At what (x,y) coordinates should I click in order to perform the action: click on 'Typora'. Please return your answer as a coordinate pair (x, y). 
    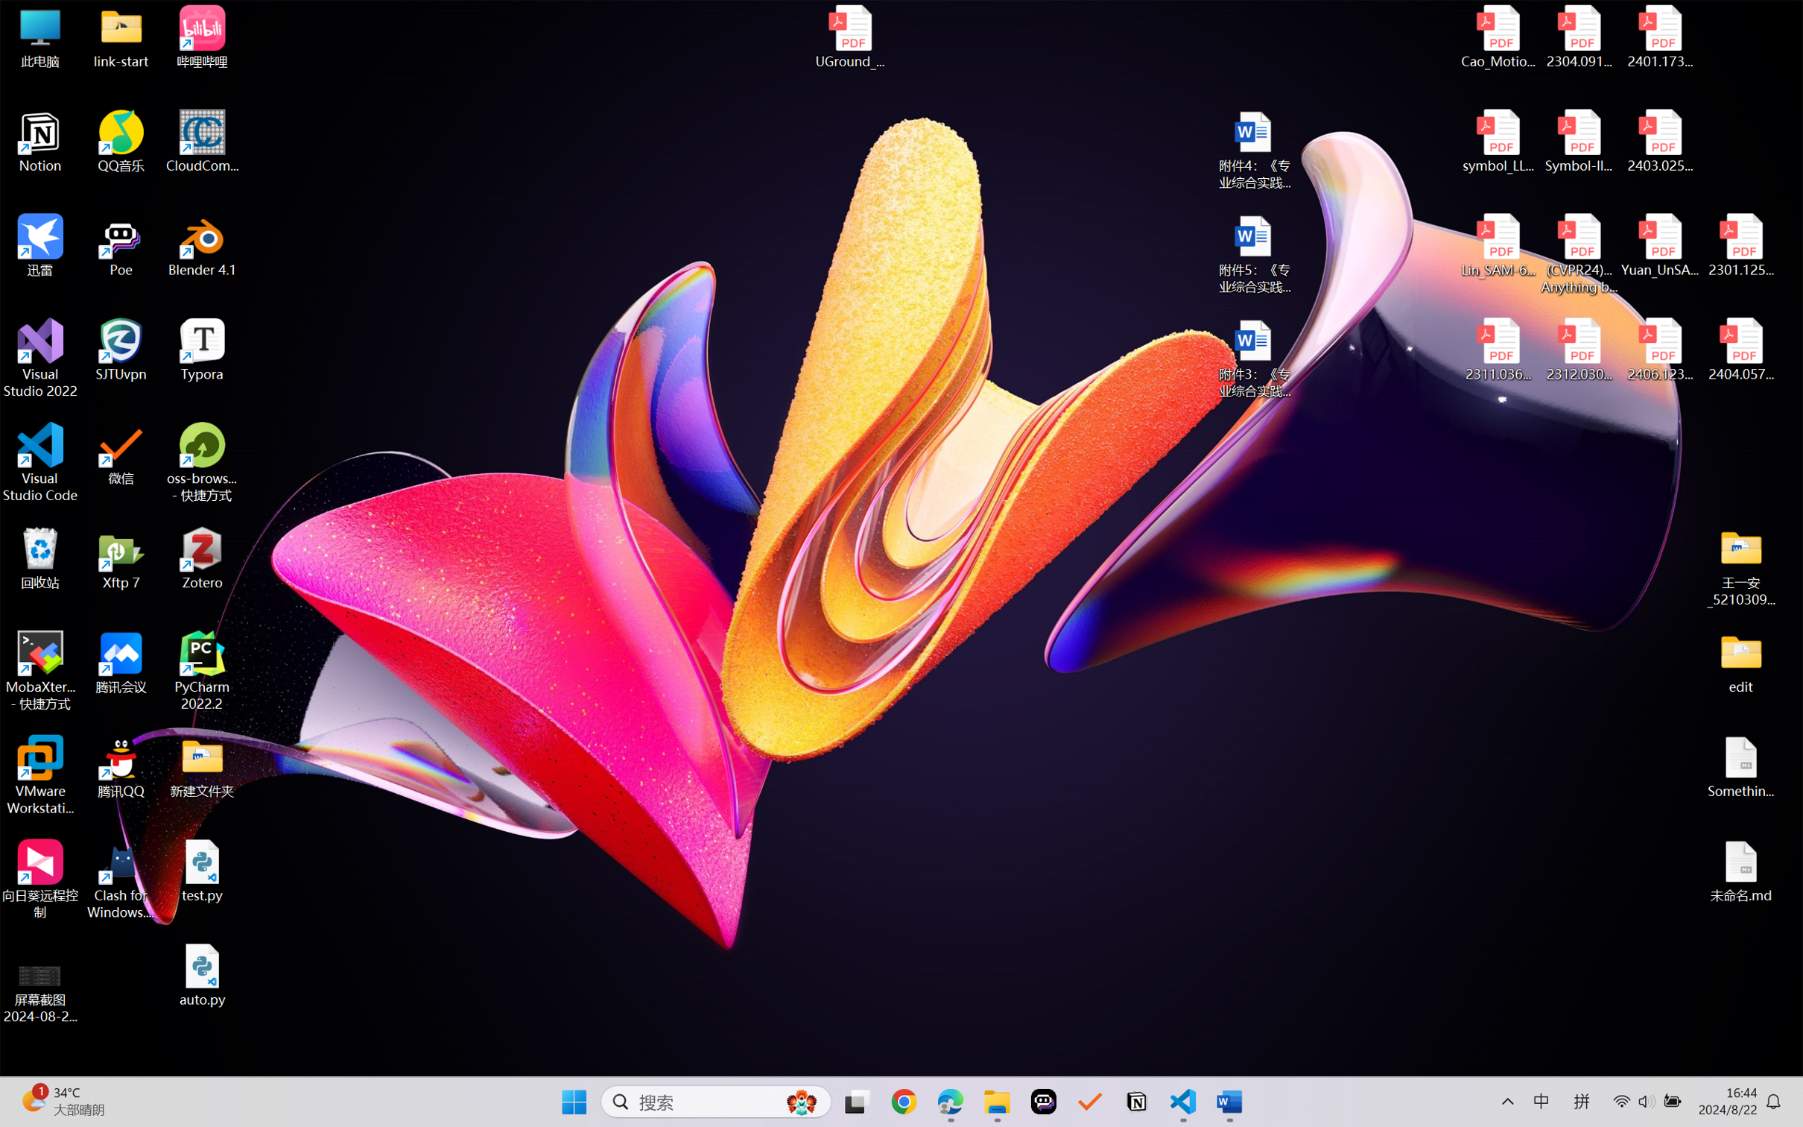
    Looking at the image, I should click on (202, 350).